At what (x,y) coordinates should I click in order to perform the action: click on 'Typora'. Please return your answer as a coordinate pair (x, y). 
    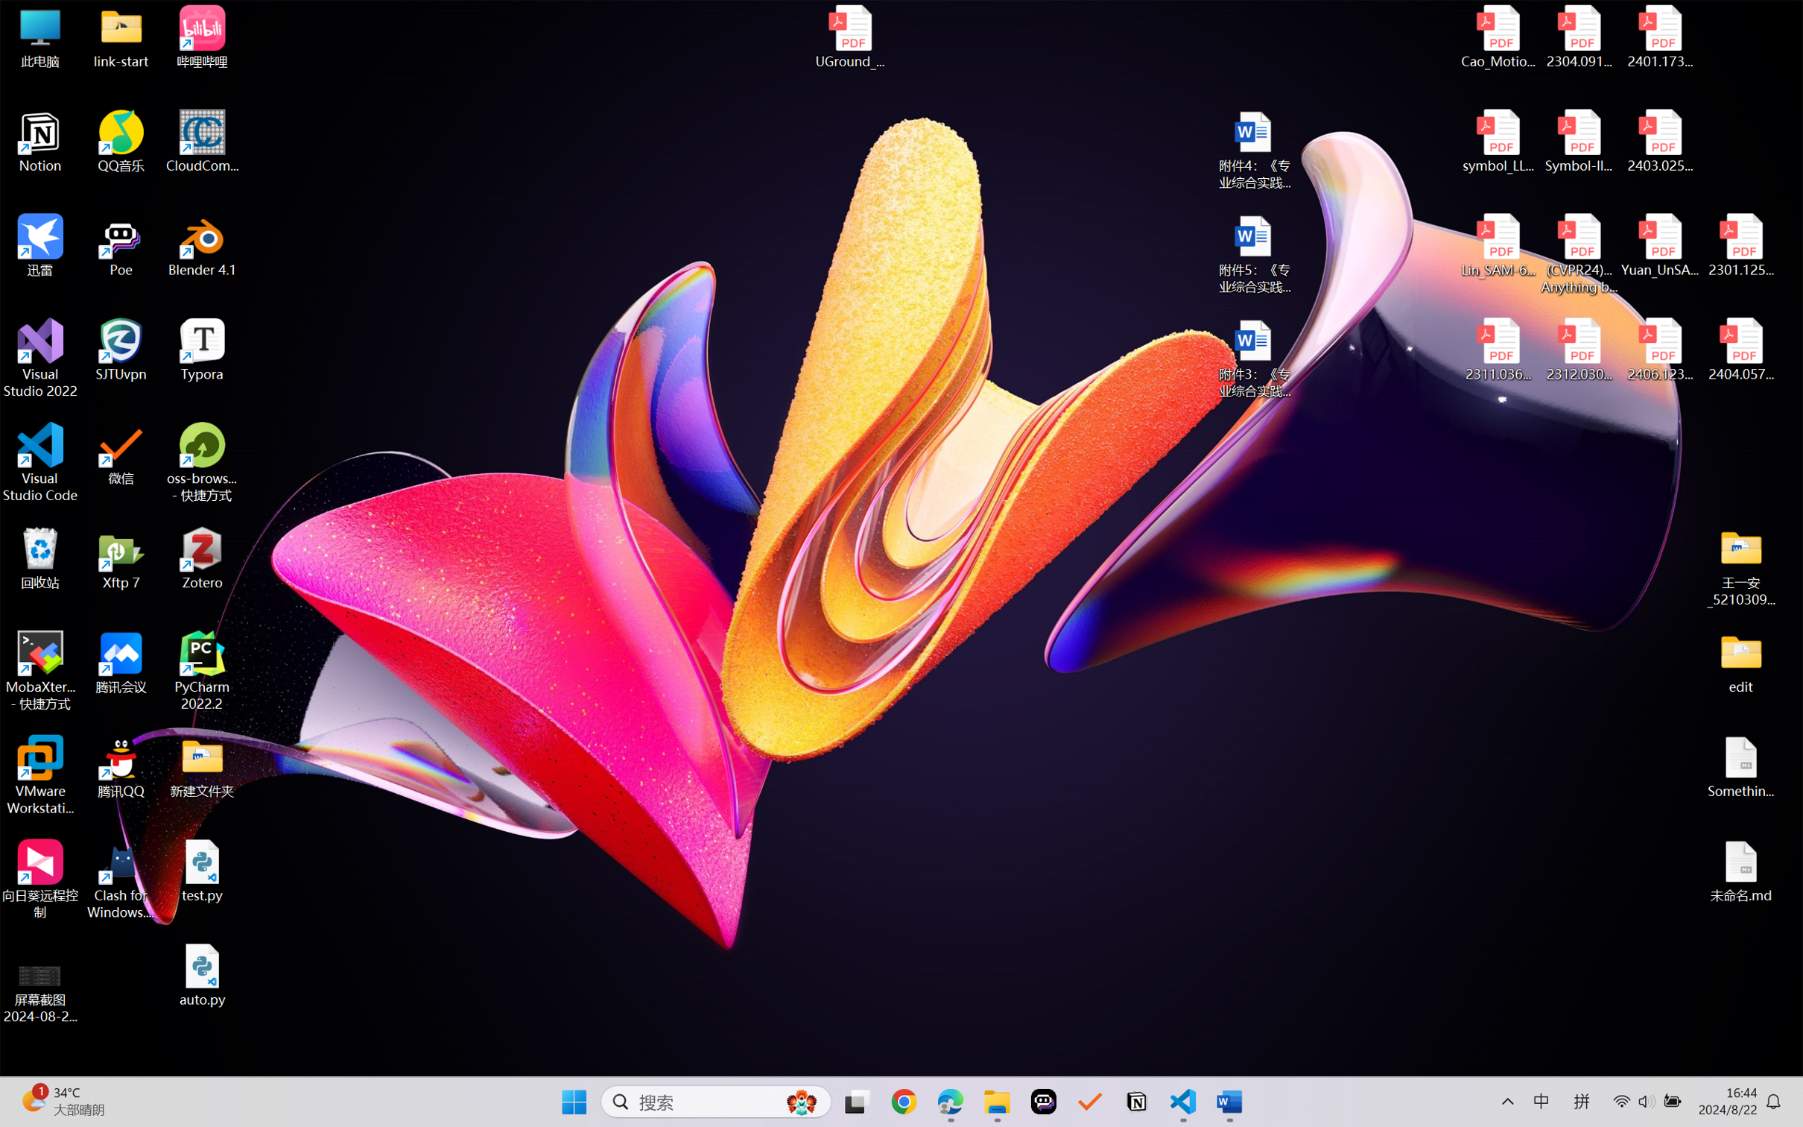
    Looking at the image, I should click on (202, 350).